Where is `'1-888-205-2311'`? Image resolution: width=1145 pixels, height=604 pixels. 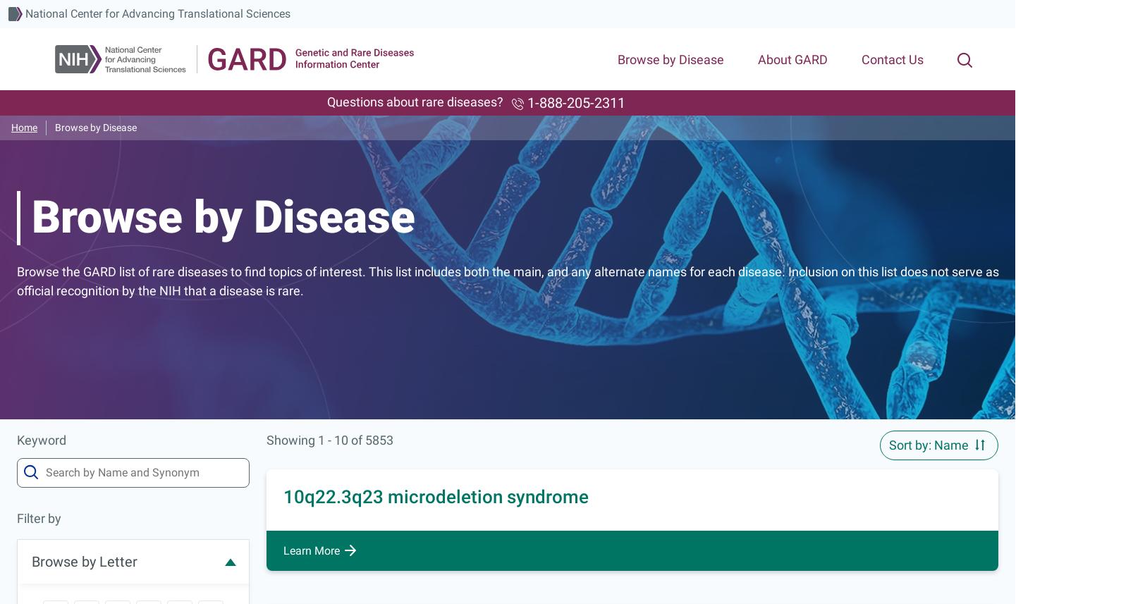 '1-888-205-2311' is located at coordinates (573, 102).